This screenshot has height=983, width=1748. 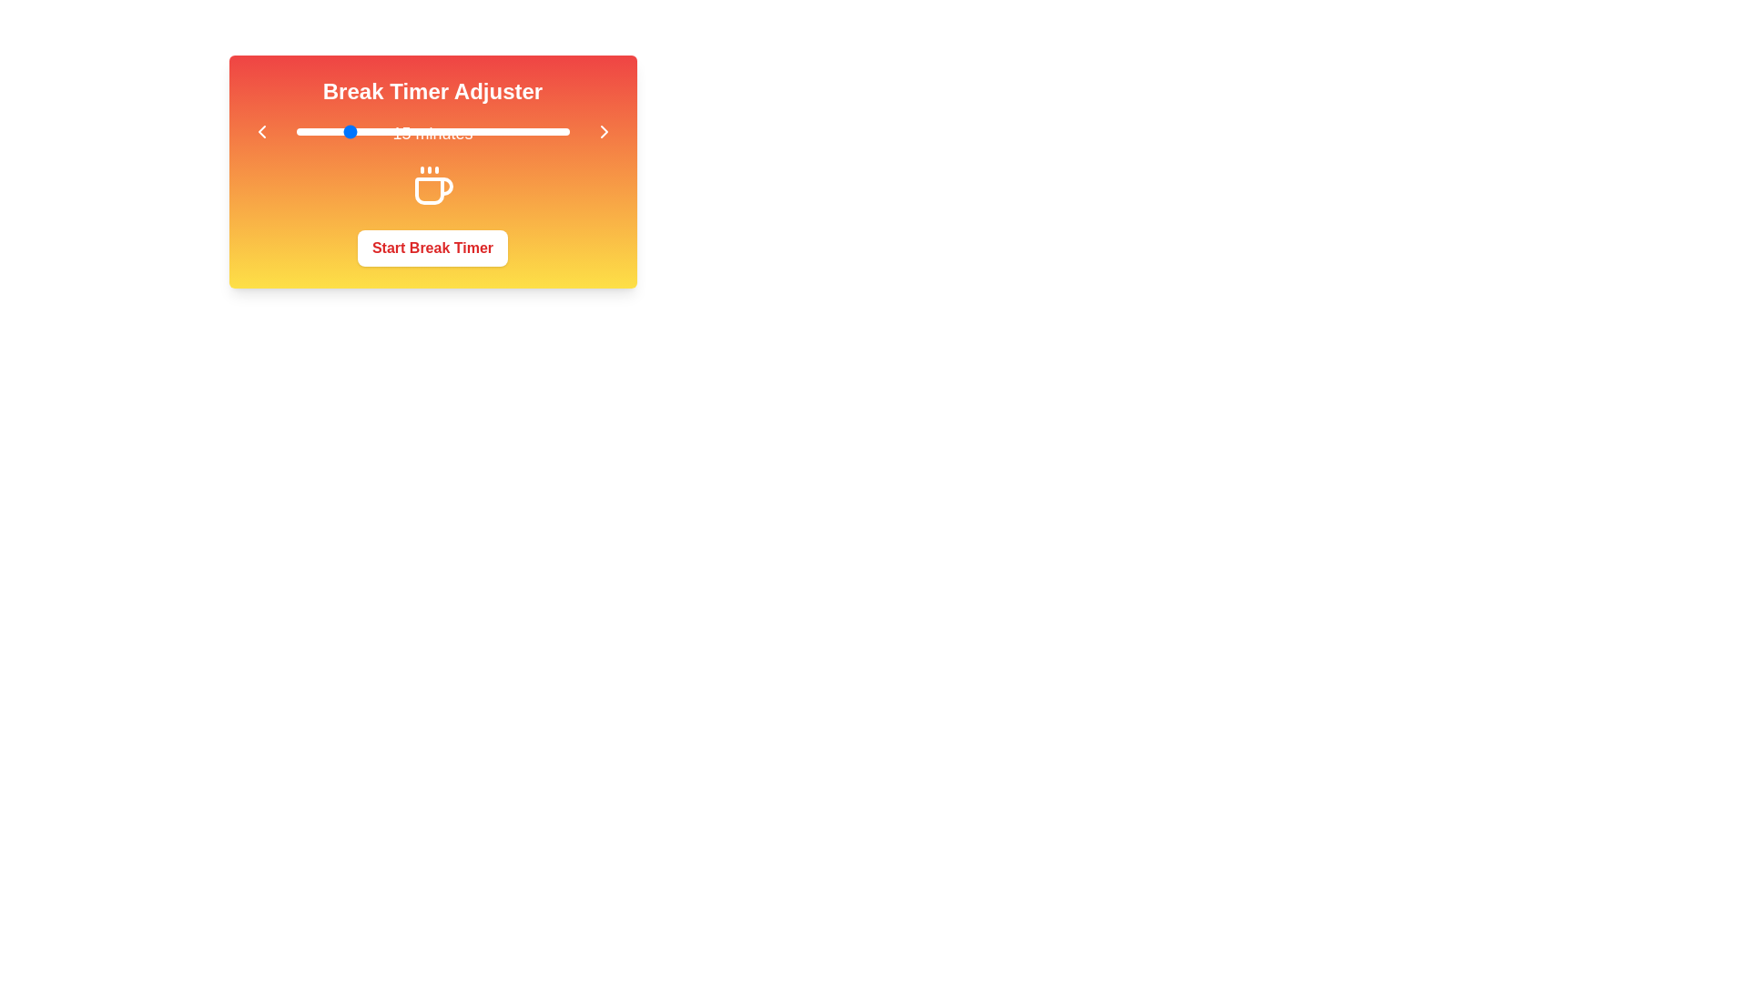 What do you see at coordinates (548, 131) in the screenshot?
I see `the slider to set the break duration to 56 minutes` at bounding box center [548, 131].